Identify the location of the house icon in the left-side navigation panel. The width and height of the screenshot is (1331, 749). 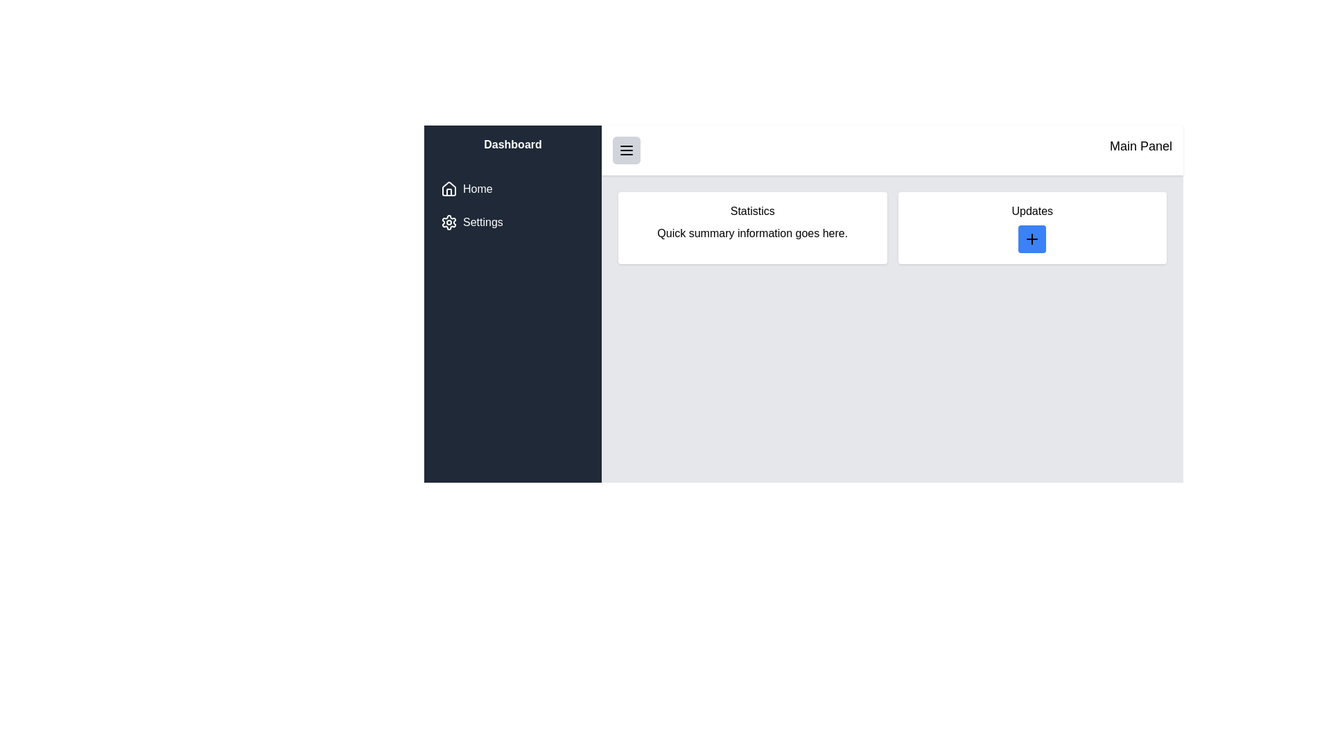
(449, 192).